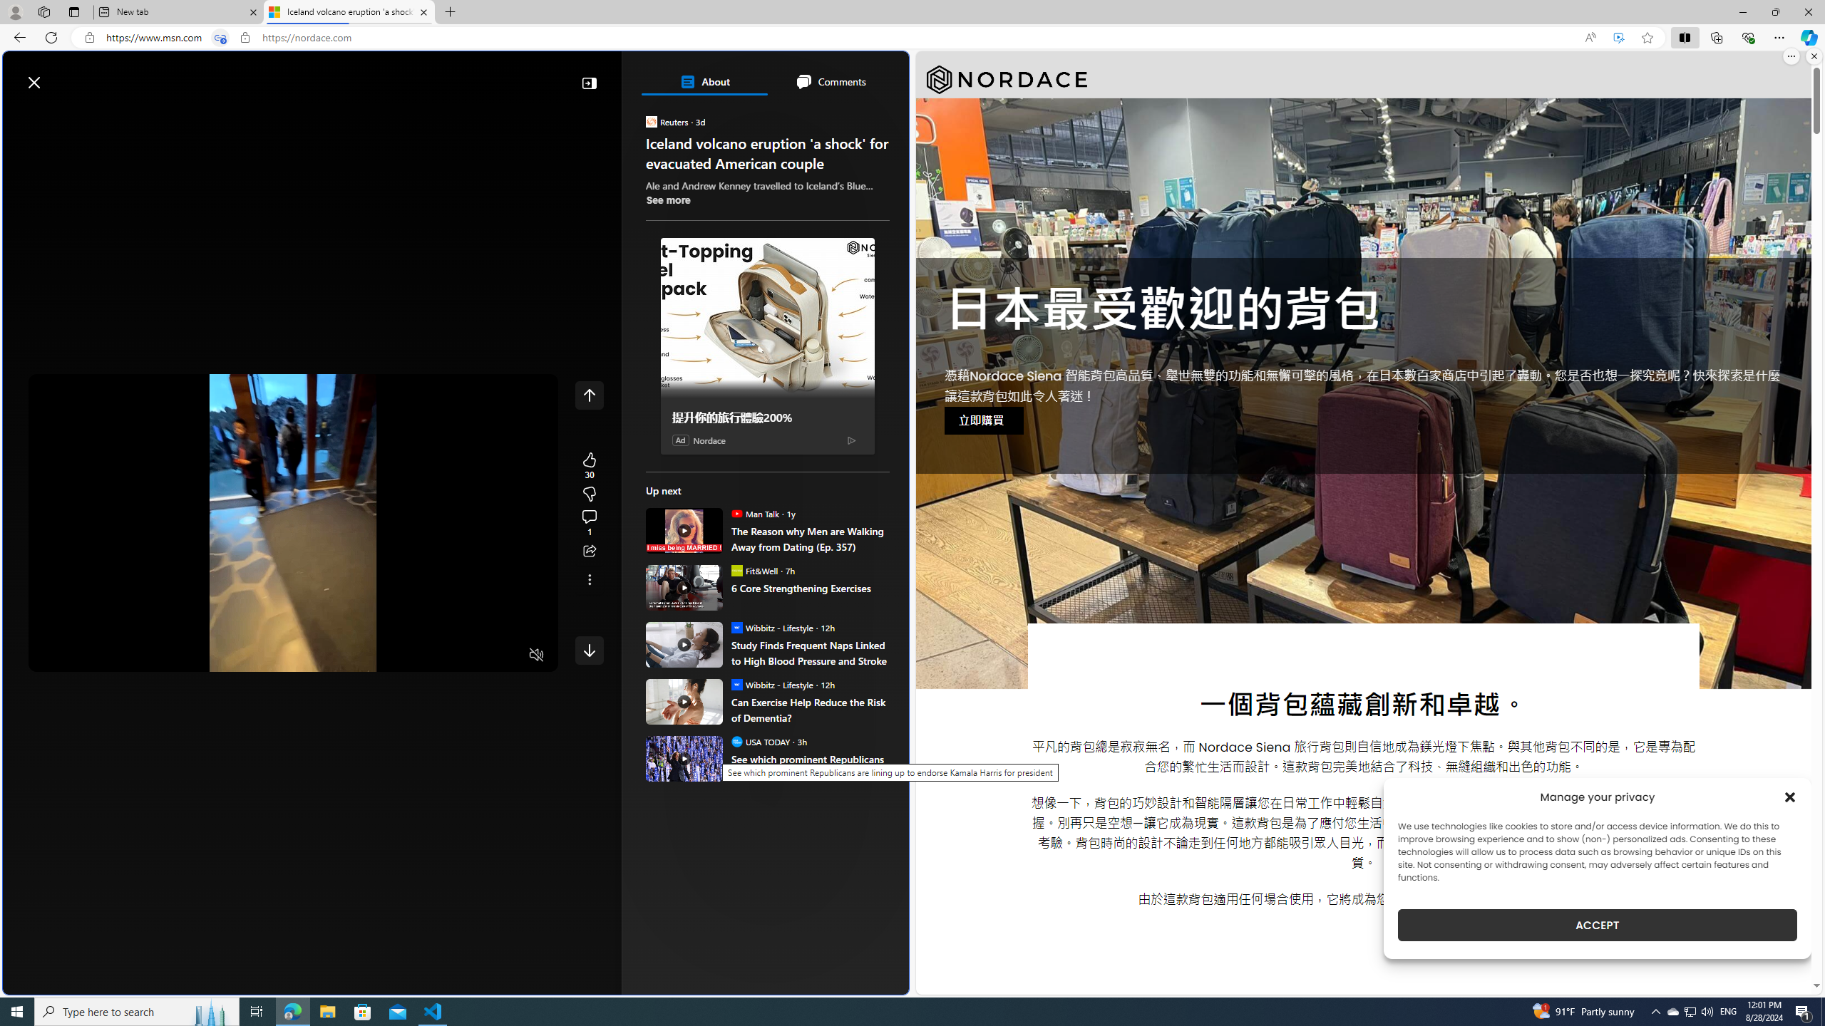 The height and width of the screenshot is (1026, 1825). I want to click on 'Enhance video', so click(1618, 38).